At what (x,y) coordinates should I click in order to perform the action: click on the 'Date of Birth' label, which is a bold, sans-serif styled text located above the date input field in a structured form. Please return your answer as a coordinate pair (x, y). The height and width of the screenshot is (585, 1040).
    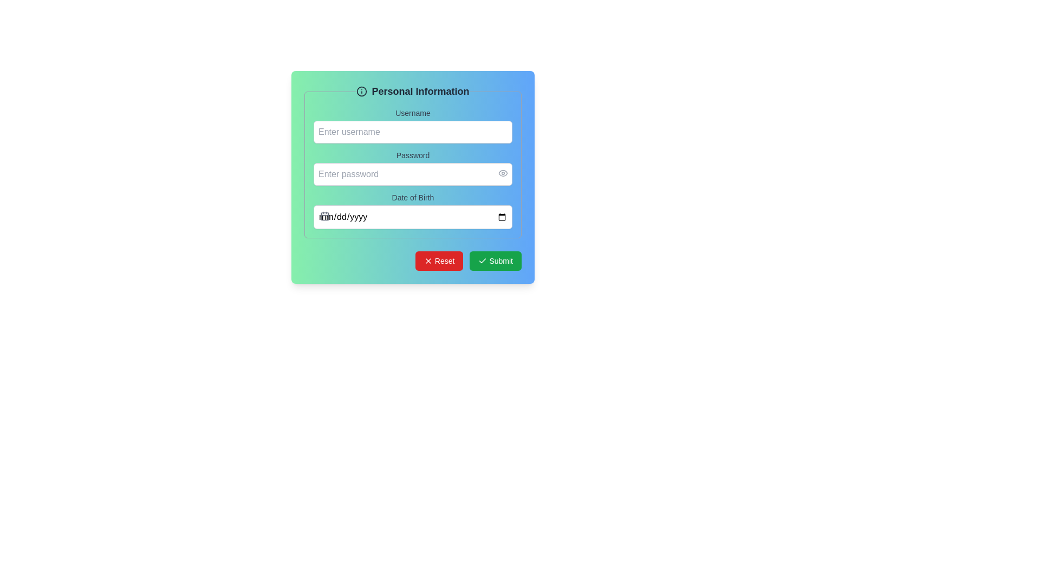
    Looking at the image, I should click on (412, 198).